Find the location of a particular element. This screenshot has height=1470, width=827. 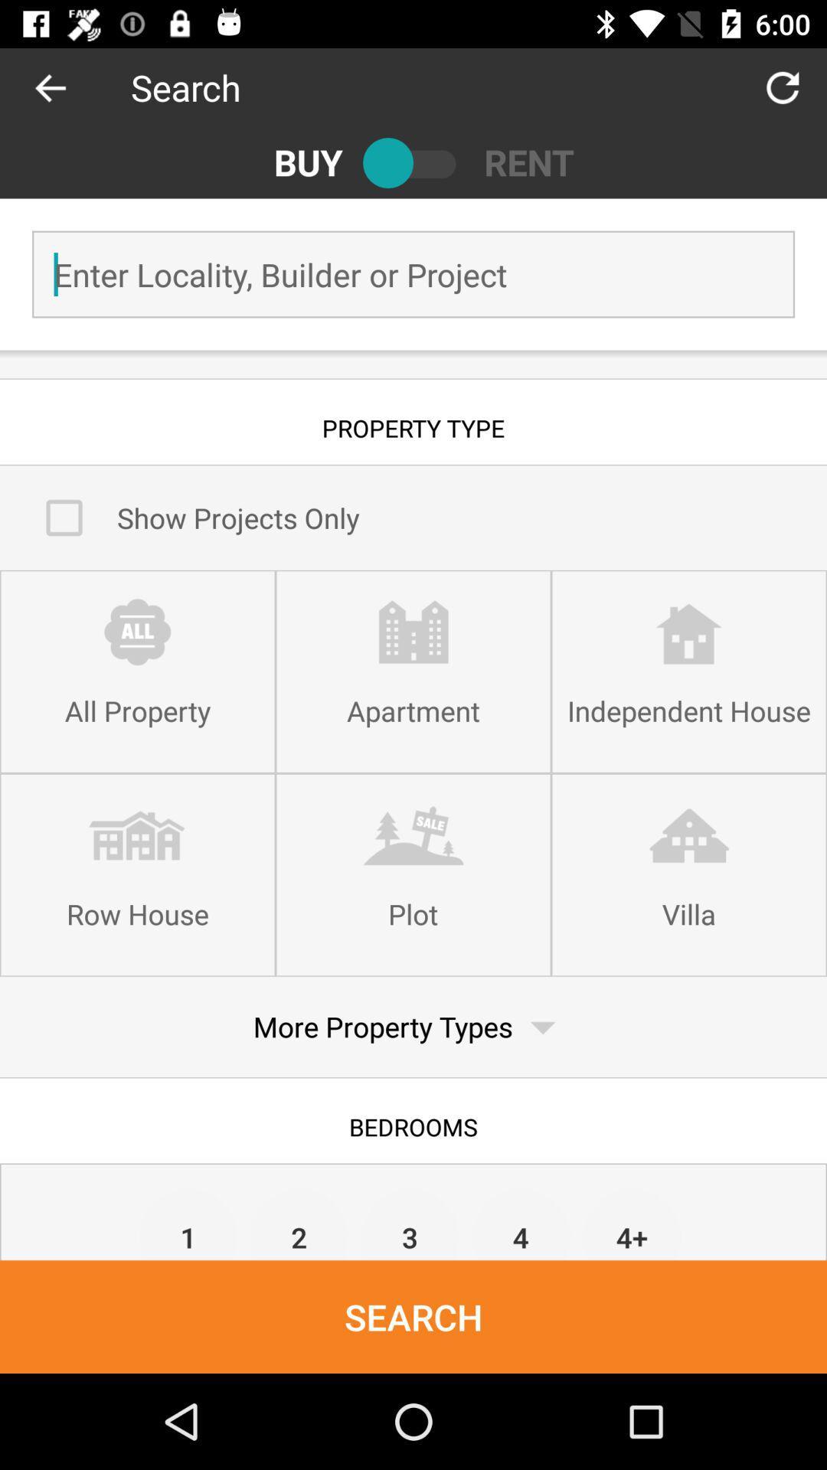

the item to the right of buy is located at coordinates (413, 162).